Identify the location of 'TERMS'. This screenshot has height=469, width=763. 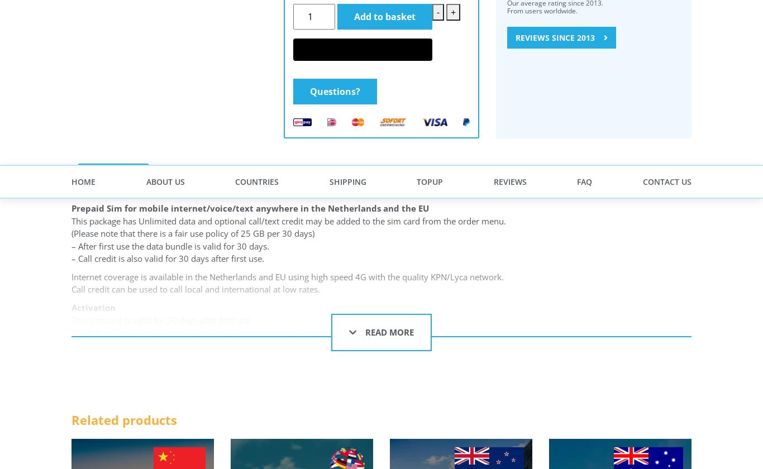
(301, 91).